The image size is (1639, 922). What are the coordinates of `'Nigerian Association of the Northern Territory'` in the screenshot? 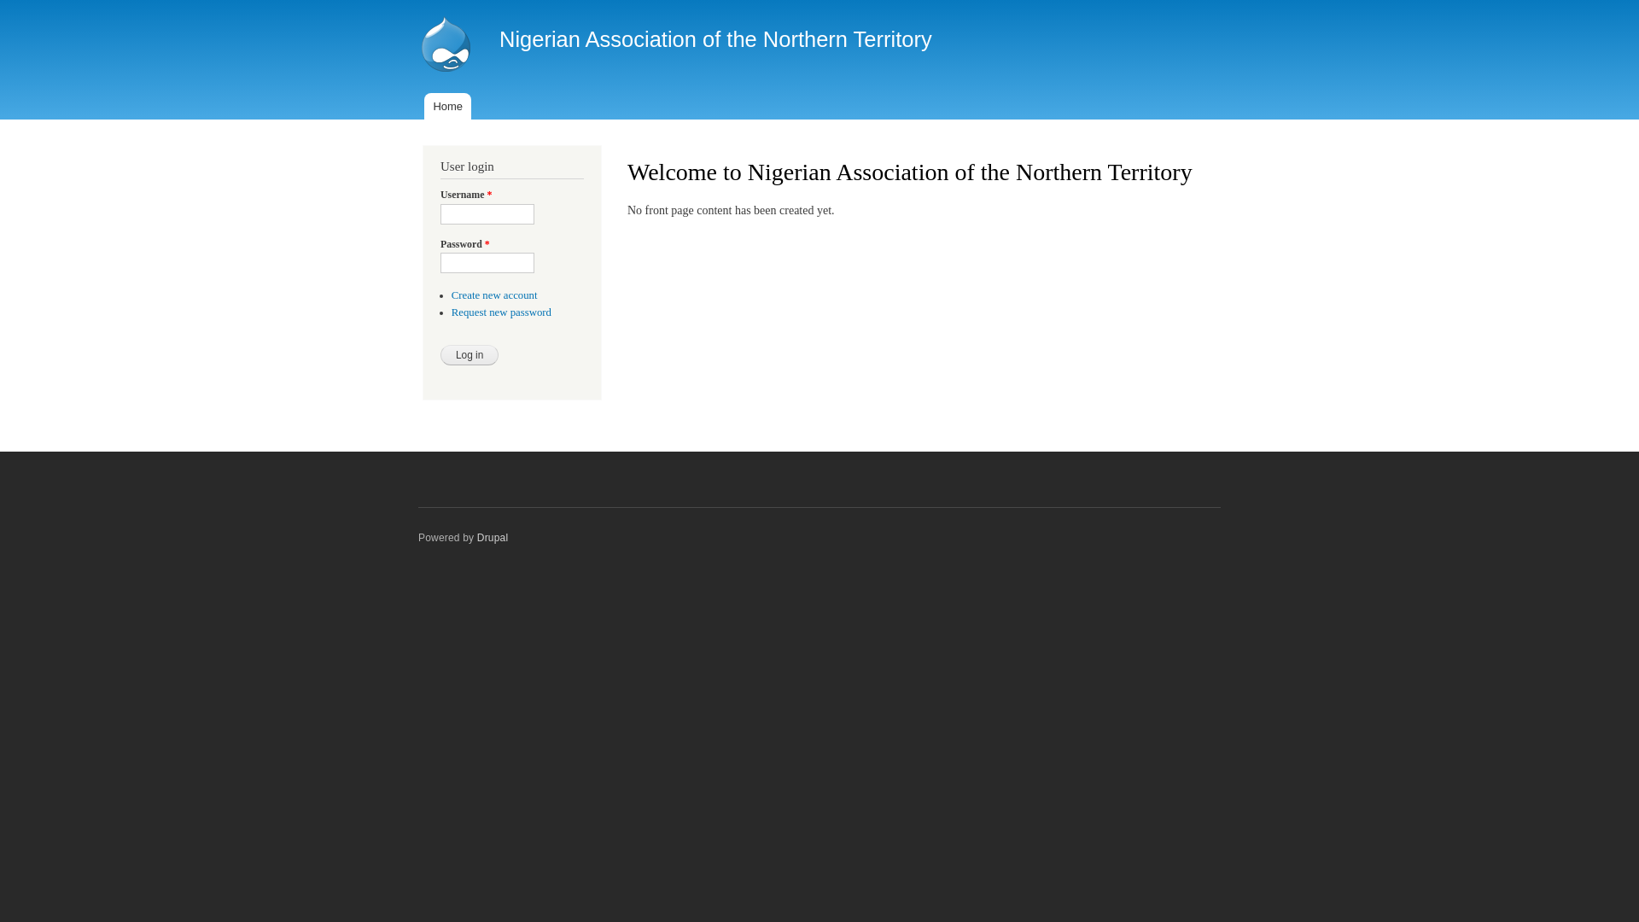 It's located at (715, 38).